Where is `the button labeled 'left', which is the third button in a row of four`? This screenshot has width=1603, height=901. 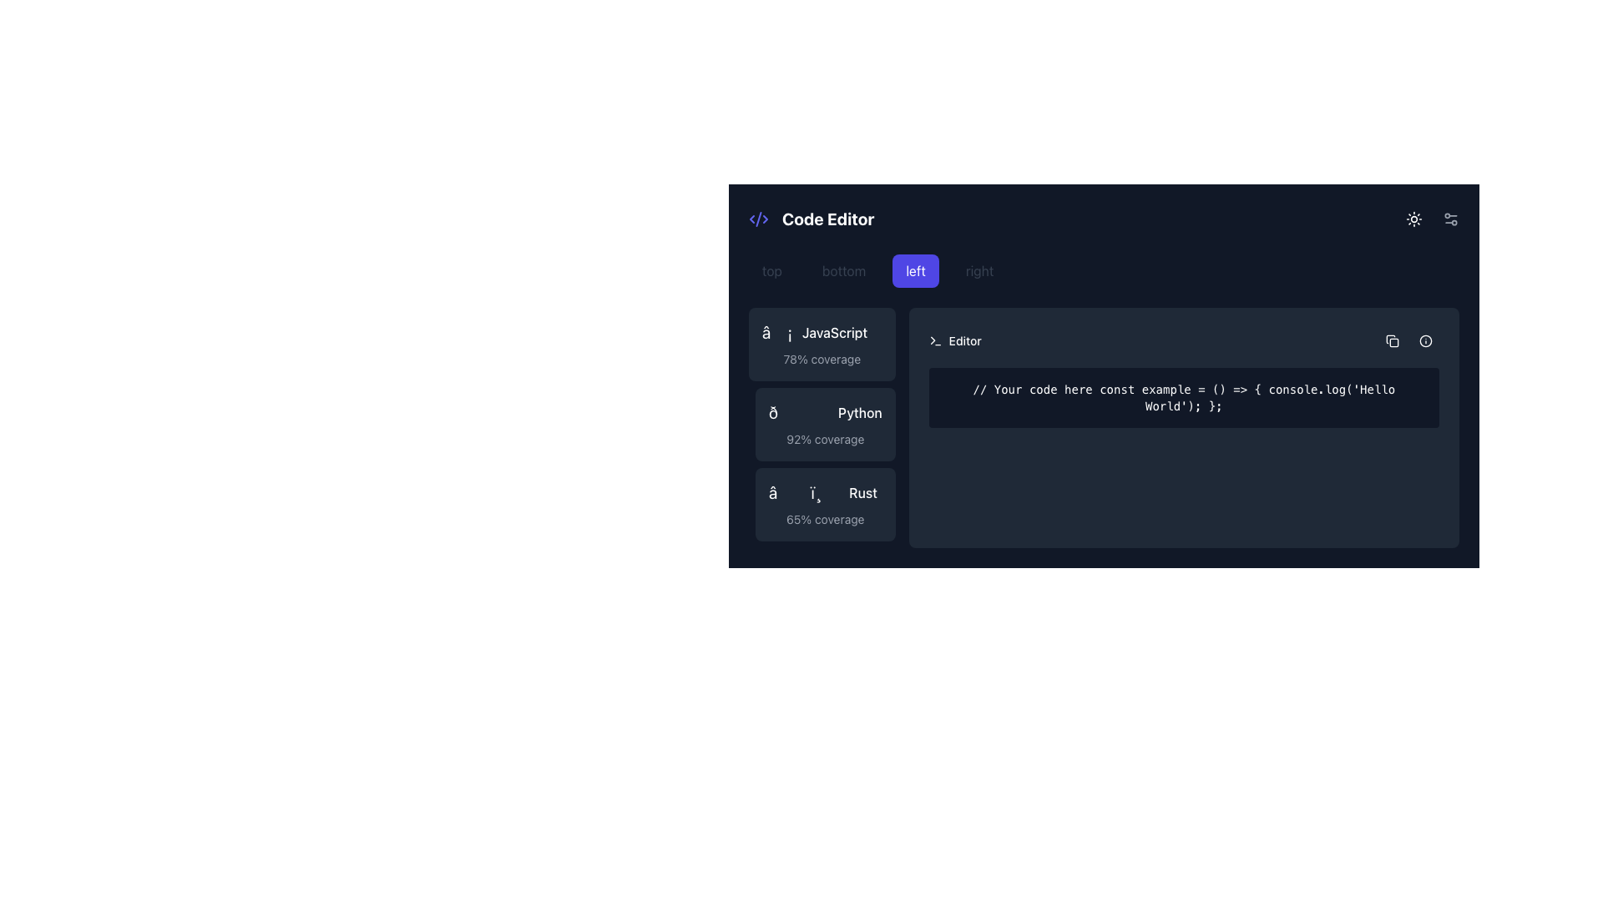 the button labeled 'left', which is the third button in a row of four is located at coordinates (915, 269).